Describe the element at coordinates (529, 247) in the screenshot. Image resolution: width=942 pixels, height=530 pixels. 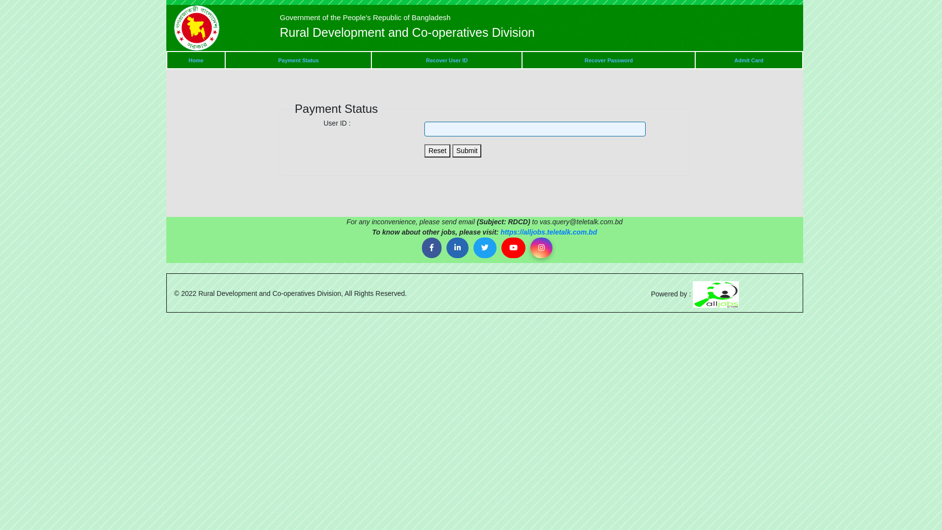
I see `'Instagram'` at that location.